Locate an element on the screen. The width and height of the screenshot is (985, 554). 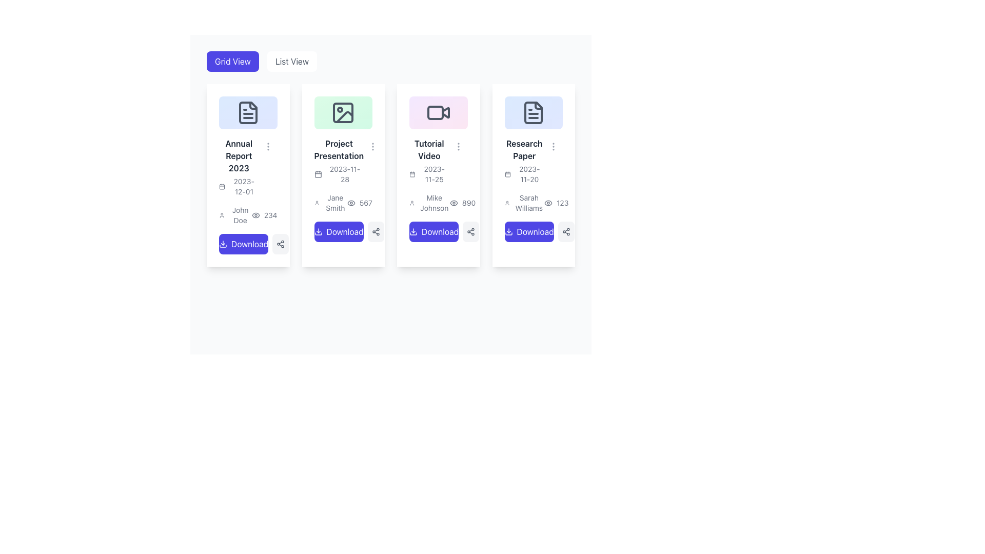
the button labeled 'Download Annual Report 2023' located at the bottom center of the first card in a horizontal list of cards to initiate the file download is located at coordinates (250, 244).